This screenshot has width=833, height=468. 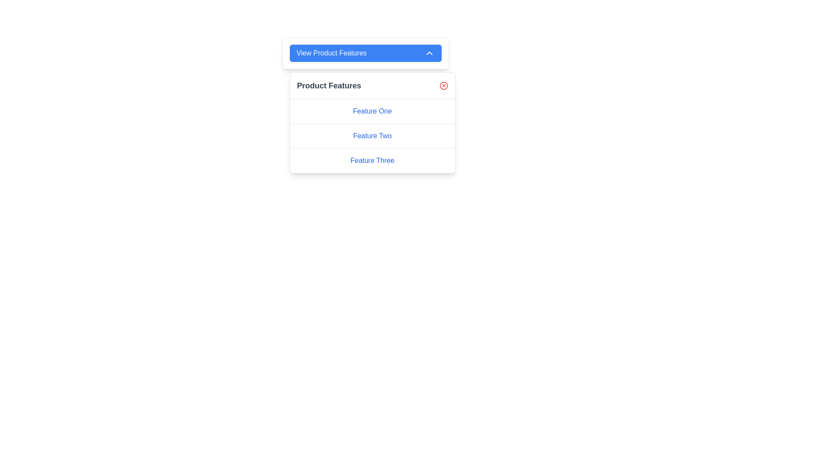 What do you see at coordinates (429, 53) in the screenshot?
I see `the chevron-up icon located to the right of the 'View Product Features' button` at bounding box center [429, 53].